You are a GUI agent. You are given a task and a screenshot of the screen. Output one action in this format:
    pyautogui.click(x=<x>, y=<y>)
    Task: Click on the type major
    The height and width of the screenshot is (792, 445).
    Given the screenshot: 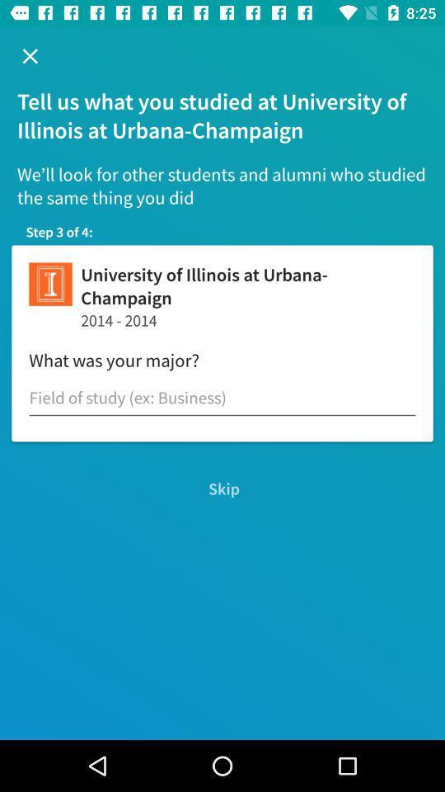 What is the action you would take?
    pyautogui.click(x=222, y=397)
    